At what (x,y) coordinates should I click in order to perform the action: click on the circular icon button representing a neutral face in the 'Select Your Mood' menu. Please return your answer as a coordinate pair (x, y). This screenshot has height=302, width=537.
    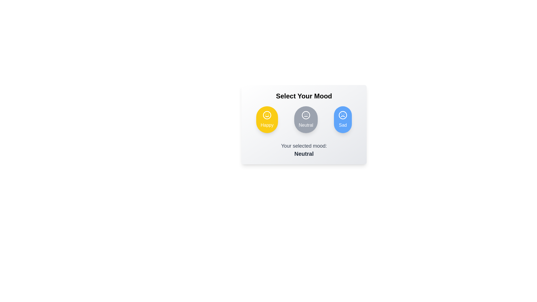
    Looking at the image, I should click on (306, 115).